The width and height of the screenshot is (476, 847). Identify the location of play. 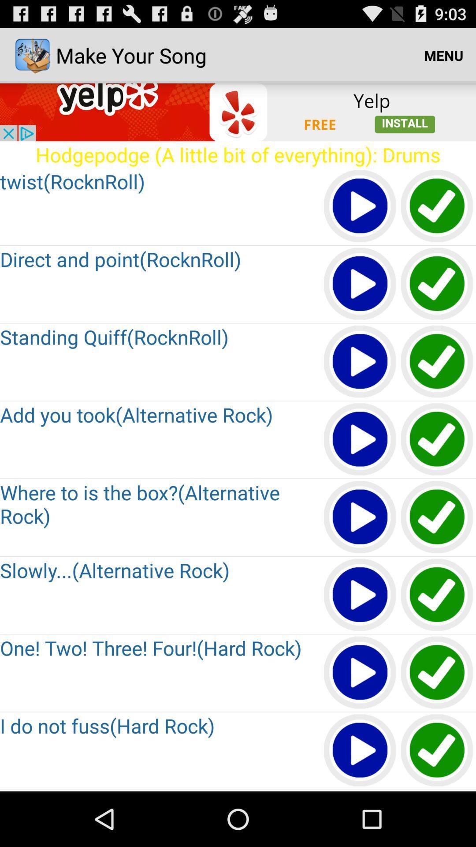
(360, 362).